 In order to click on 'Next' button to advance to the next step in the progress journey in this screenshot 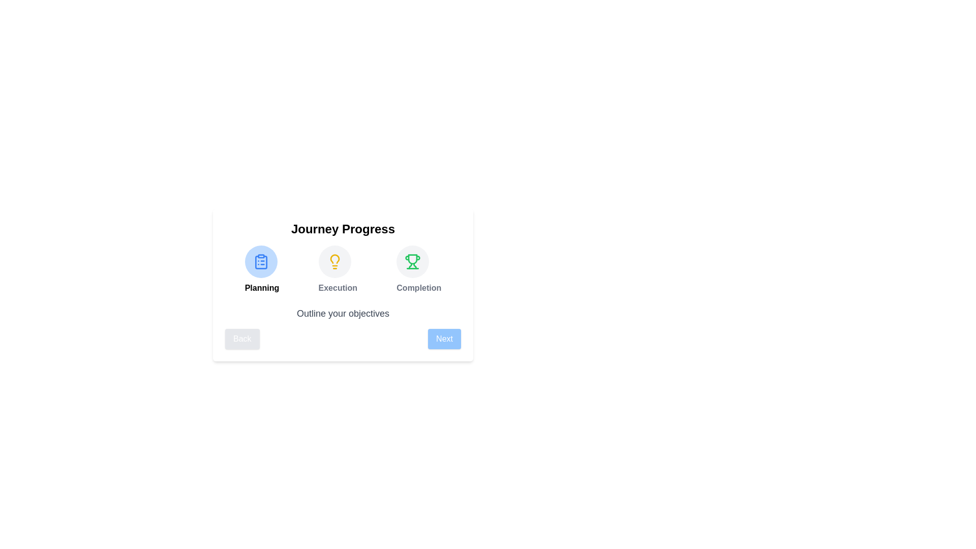, I will do `click(444, 339)`.